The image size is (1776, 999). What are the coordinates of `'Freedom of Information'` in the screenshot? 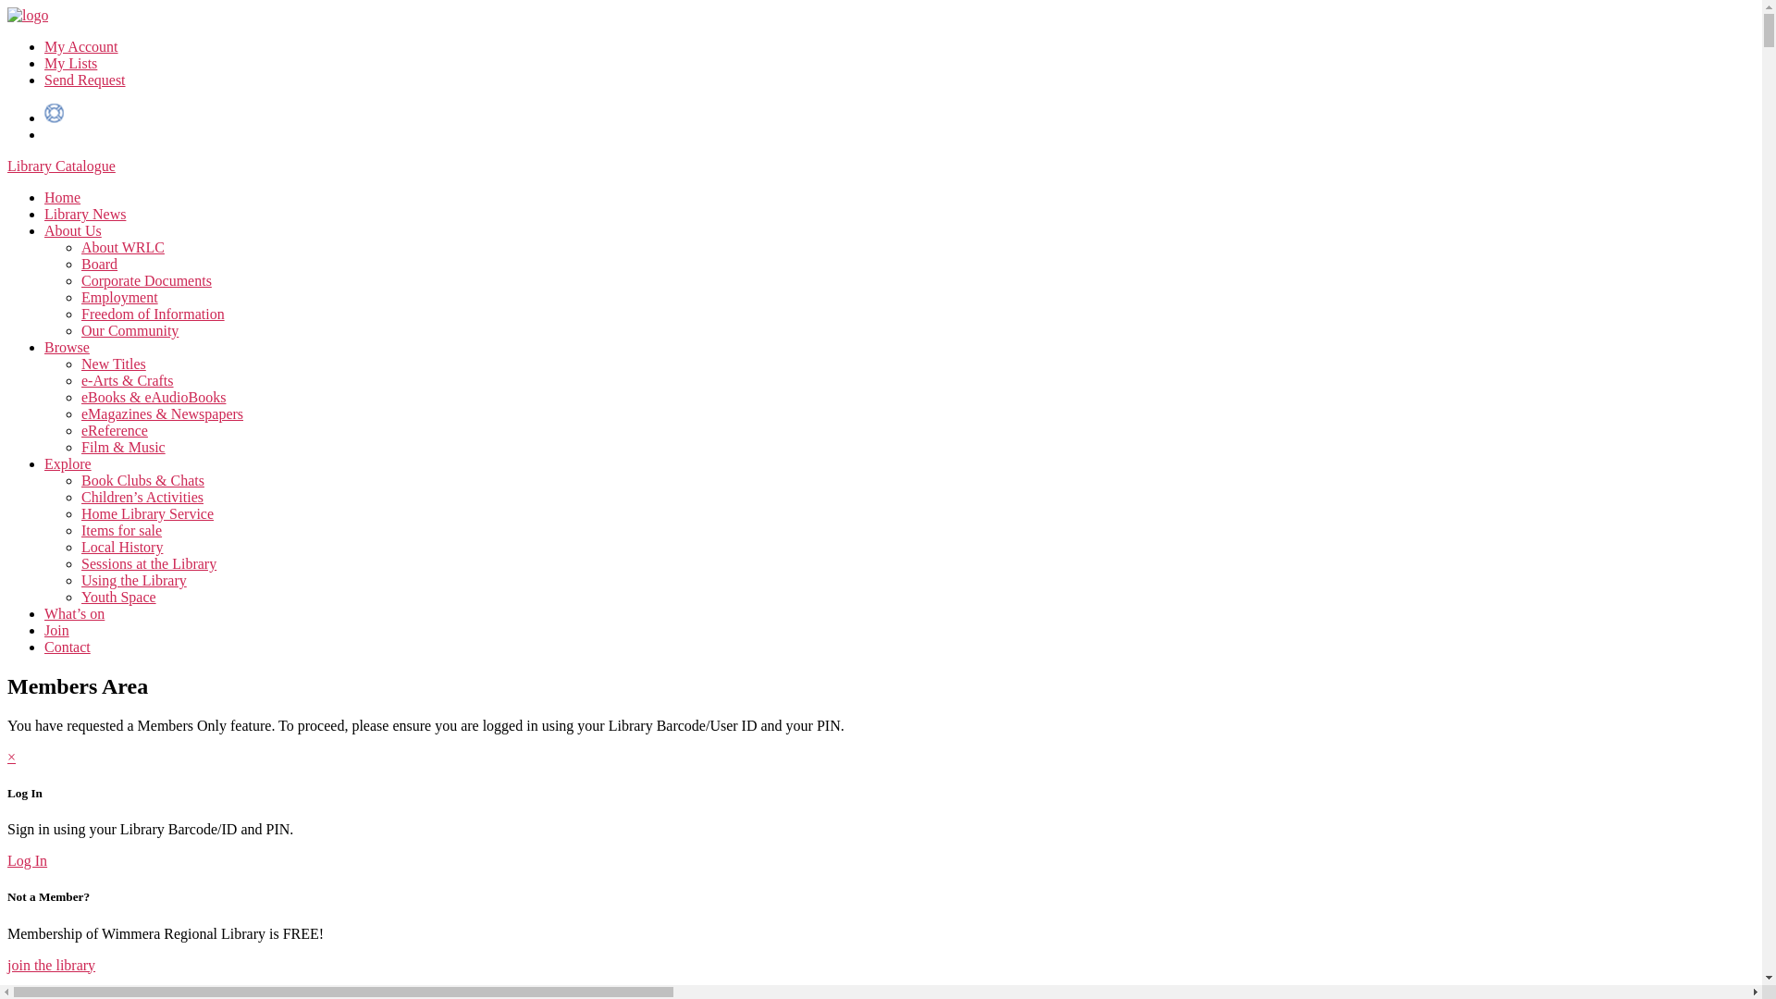 It's located at (153, 313).